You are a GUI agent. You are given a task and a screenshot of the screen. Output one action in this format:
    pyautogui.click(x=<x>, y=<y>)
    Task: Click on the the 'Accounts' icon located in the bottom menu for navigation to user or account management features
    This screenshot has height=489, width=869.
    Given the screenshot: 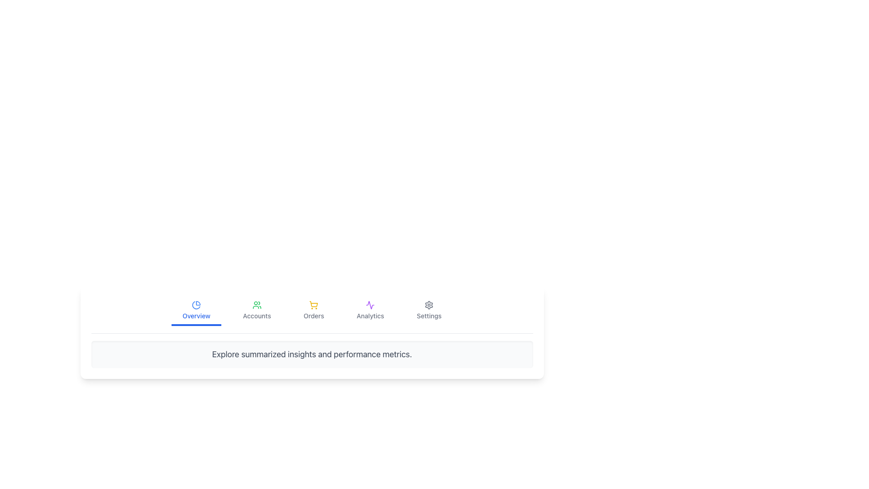 What is the action you would take?
    pyautogui.click(x=256, y=305)
    